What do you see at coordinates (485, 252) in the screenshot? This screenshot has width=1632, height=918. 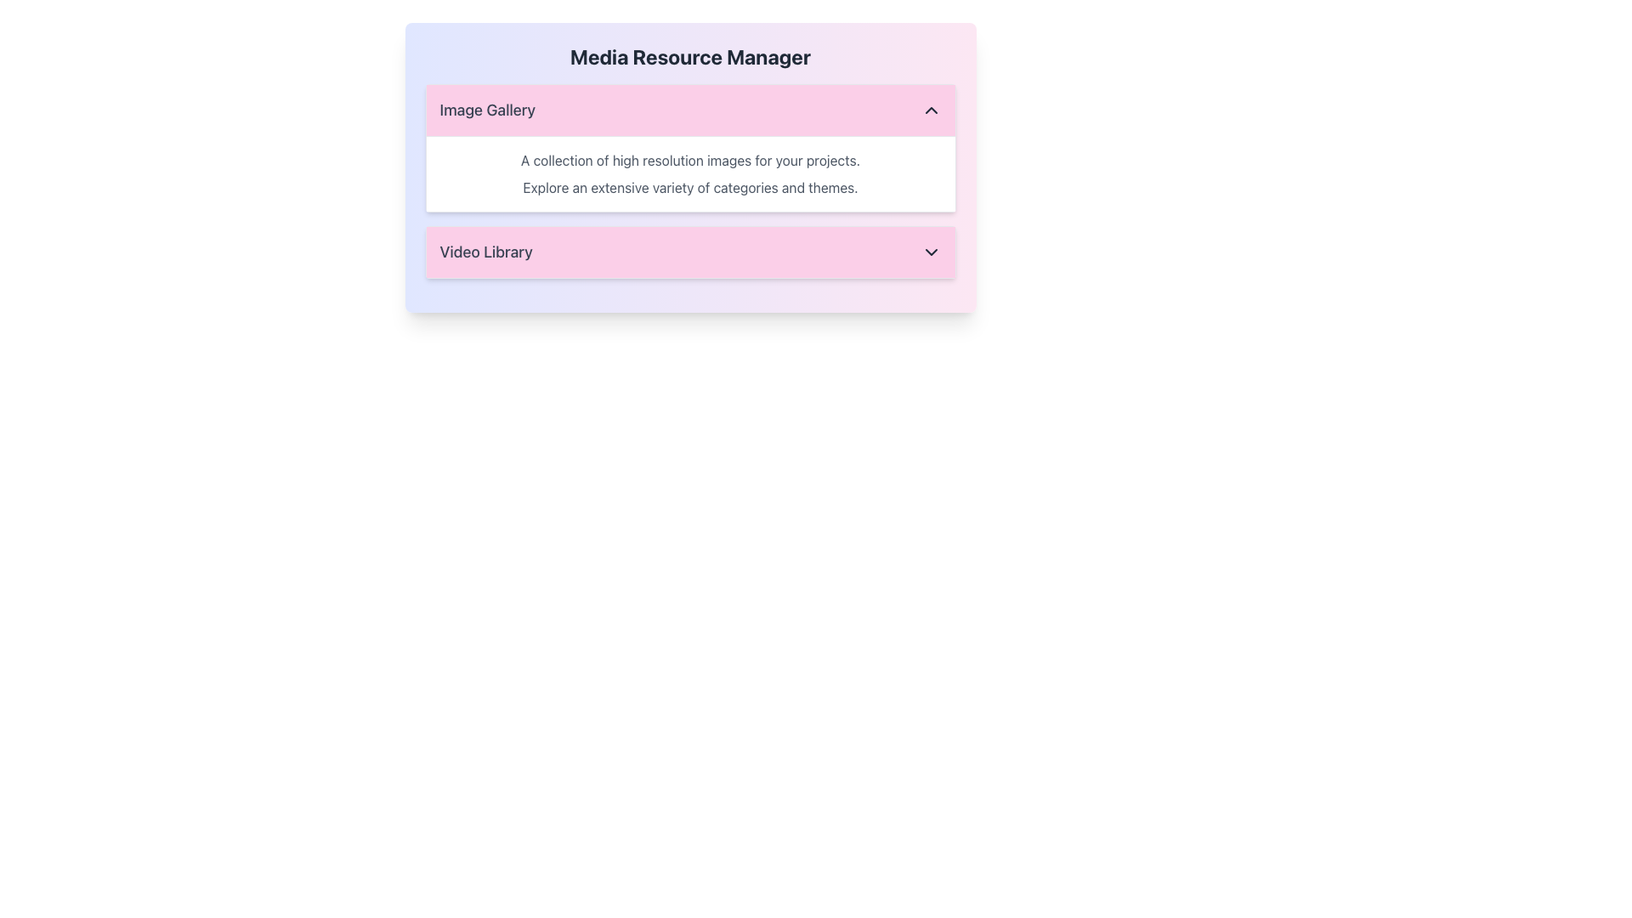 I see `text label that identifies this section as 'Video Library', positioned in the middle section of the interface` at bounding box center [485, 252].